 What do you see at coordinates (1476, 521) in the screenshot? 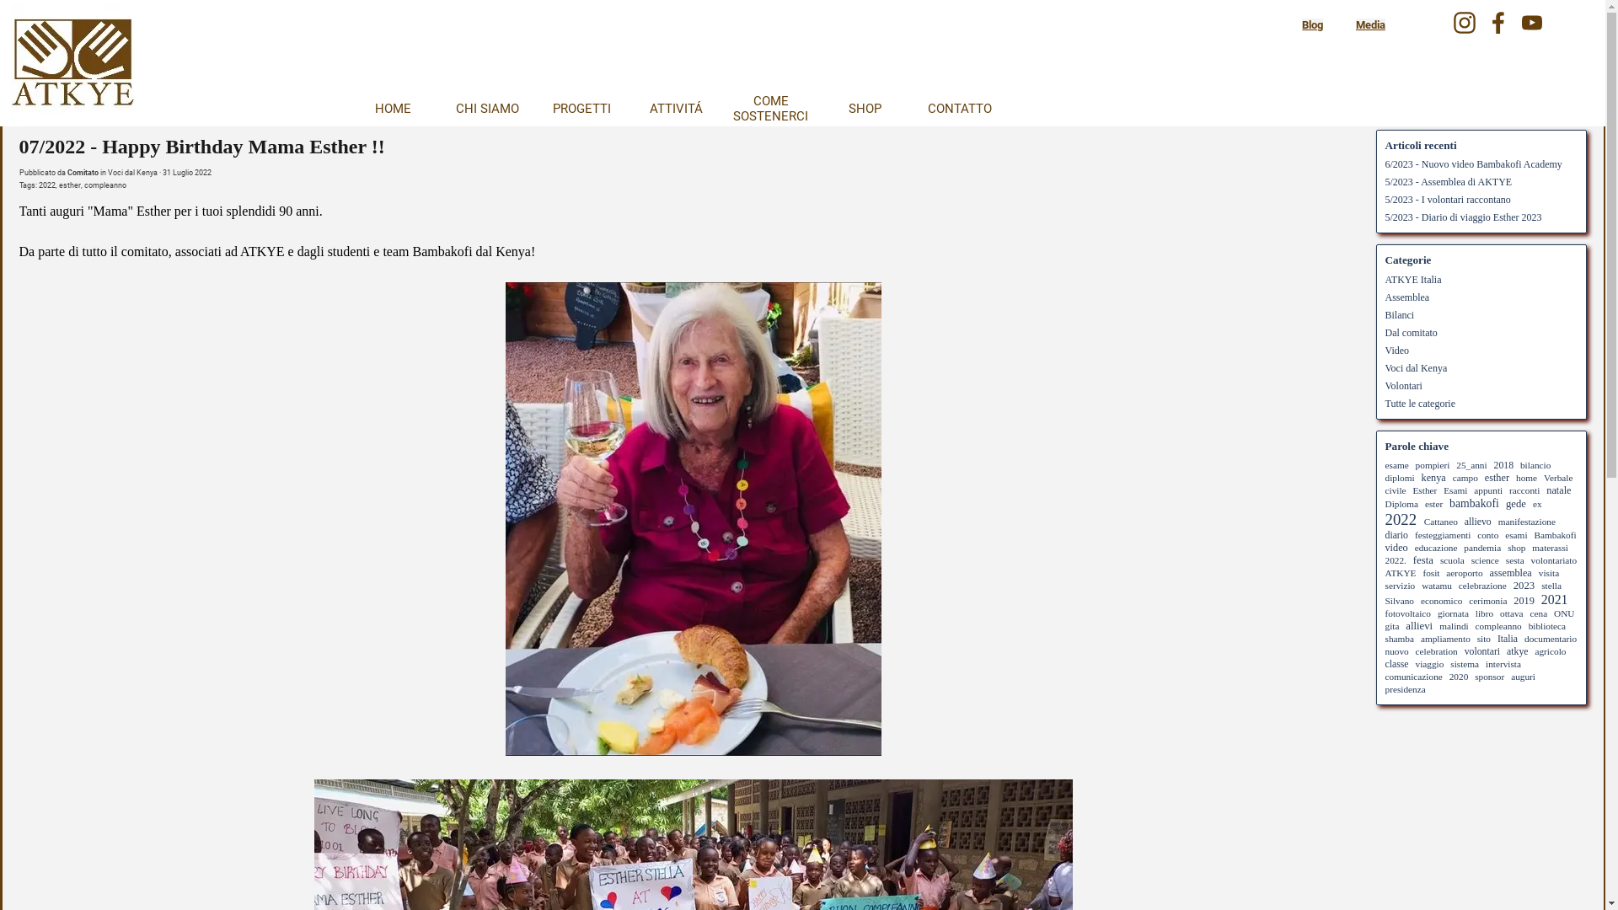
I see `'allievo'` at bounding box center [1476, 521].